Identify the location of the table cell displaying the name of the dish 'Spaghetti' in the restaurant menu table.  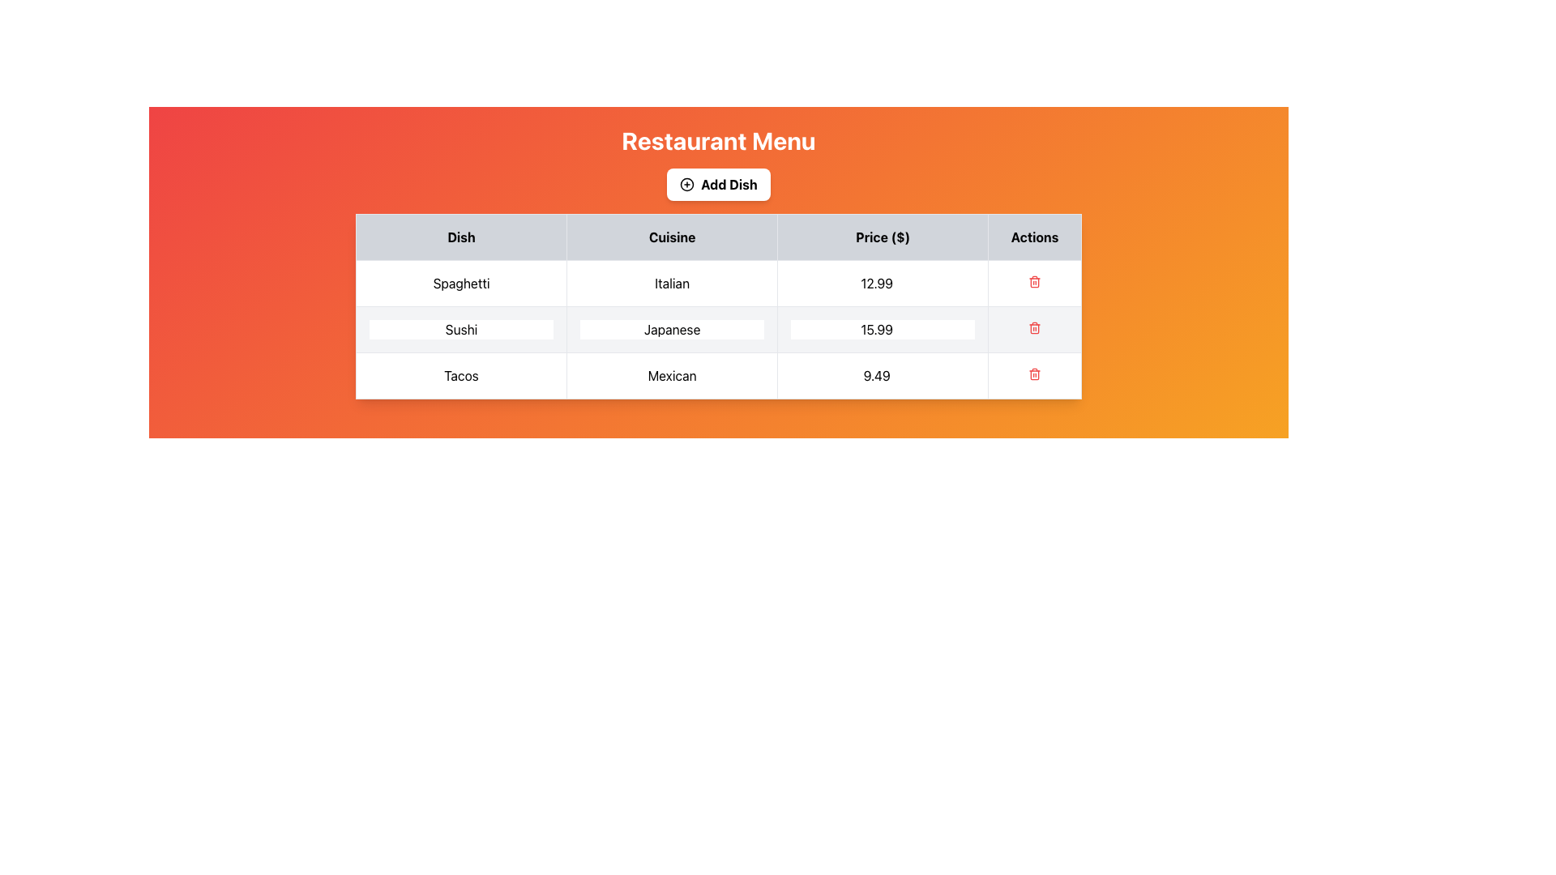
(460, 283).